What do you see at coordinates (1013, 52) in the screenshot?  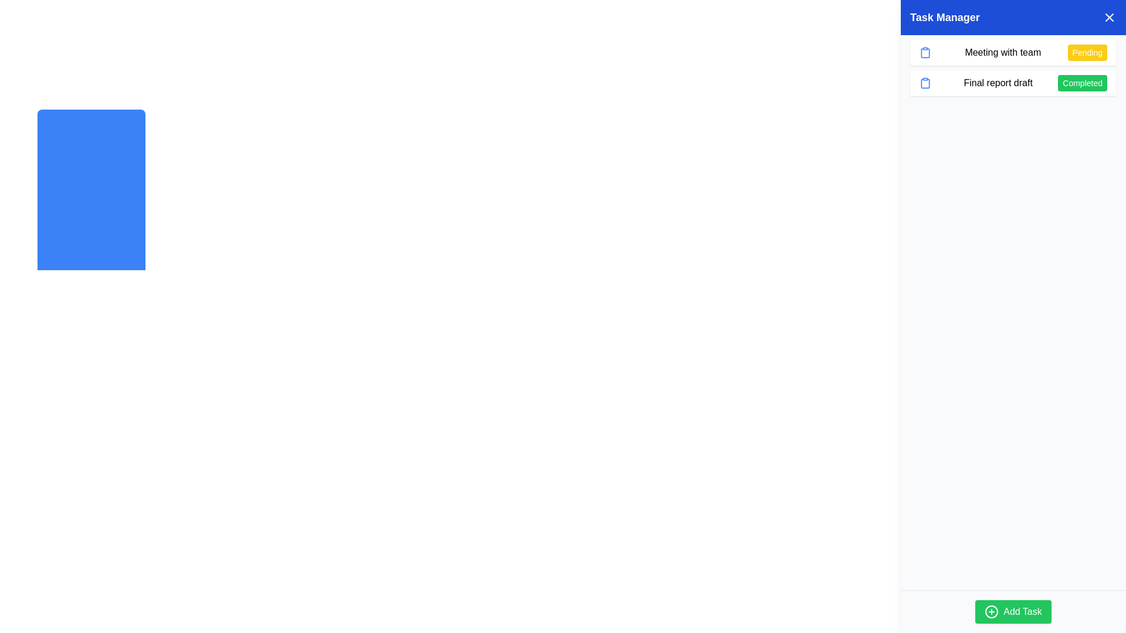 I see `the button labeled 'Meeting with team' which features a blue clipboard icon and a yellow 'Pending' badge` at bounding box center [1013, 52].